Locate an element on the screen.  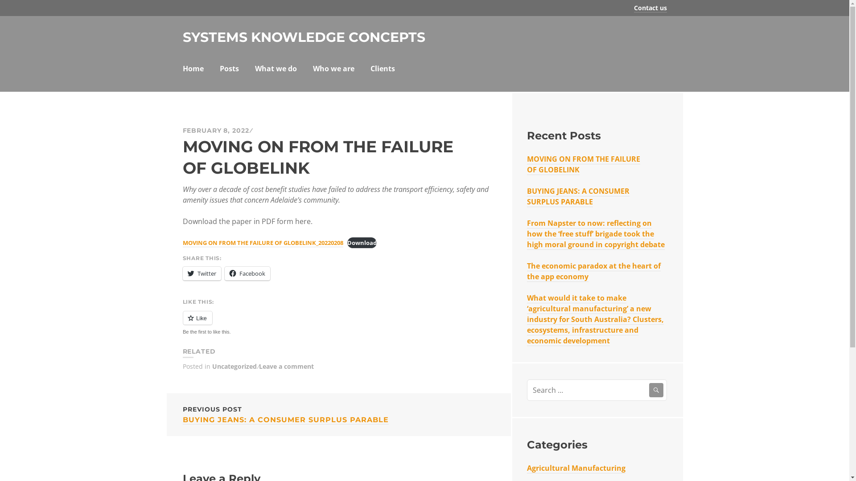
'What we do' is located at coordinates (276, 69).